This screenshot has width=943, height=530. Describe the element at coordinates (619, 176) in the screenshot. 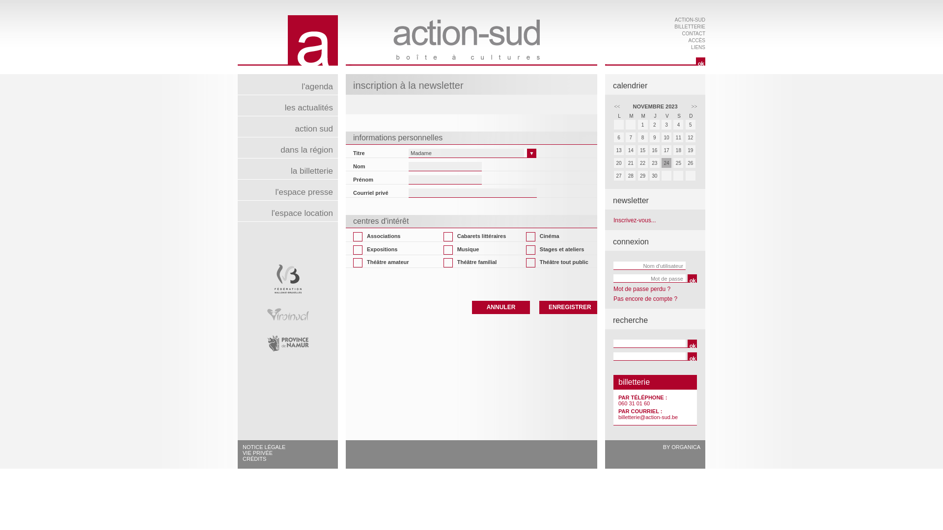

I see `'27'` at that location.